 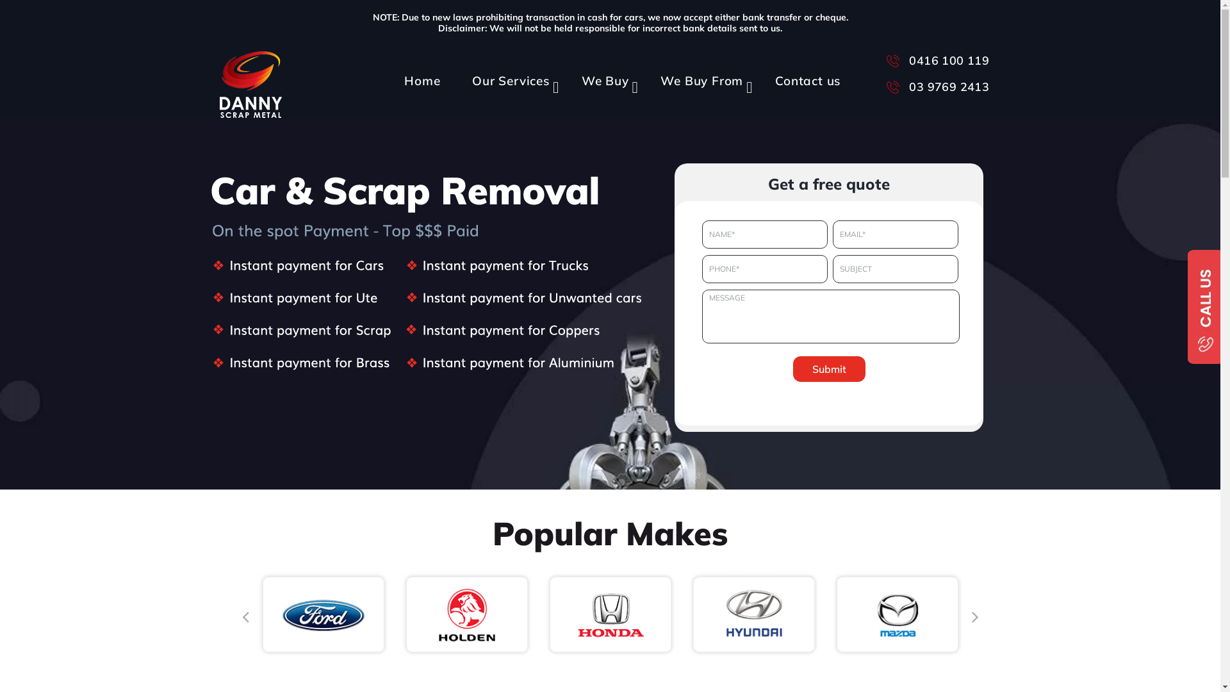 What do you see at coordinates (698, 74) in the screenshot?
I see `'We Buy From'` at bounding box center [698, 74].